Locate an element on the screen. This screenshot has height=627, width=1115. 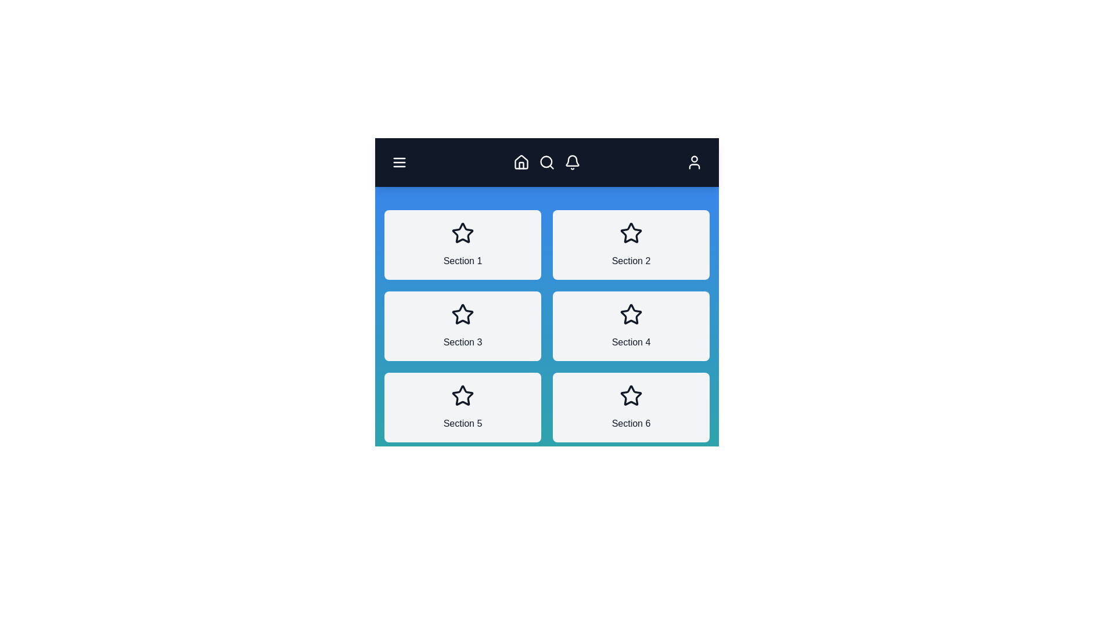
the home icon in the app bar to navigate to the home section is located at coordinates (520, 163).